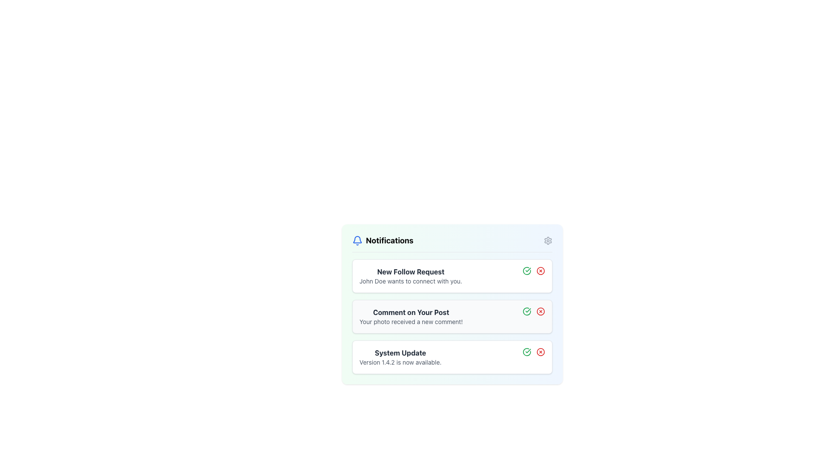 This screenshot has height=466, width=828. Describe the element at coordinates (400, 362) in the screenshot. I see `the informational message indicating the availability of a new system version, which is the second line within the 'System Update' notification card` at that location.